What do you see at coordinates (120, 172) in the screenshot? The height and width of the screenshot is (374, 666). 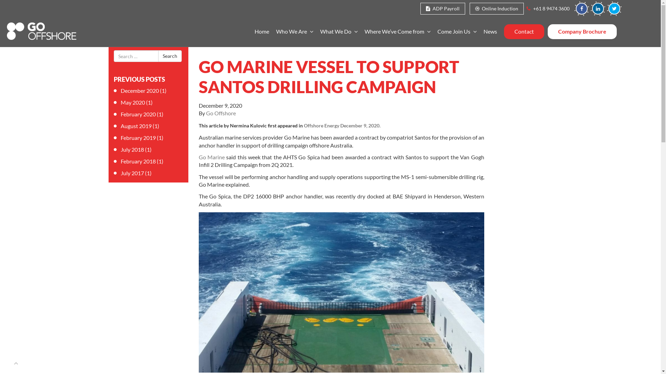 I see `'July 2017'` at bounding box center [120, 172].